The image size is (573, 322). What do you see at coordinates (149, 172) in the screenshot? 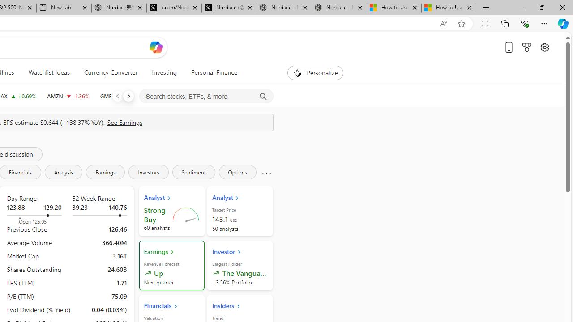
I see `'Investors'` at bounding box center [149, 172].